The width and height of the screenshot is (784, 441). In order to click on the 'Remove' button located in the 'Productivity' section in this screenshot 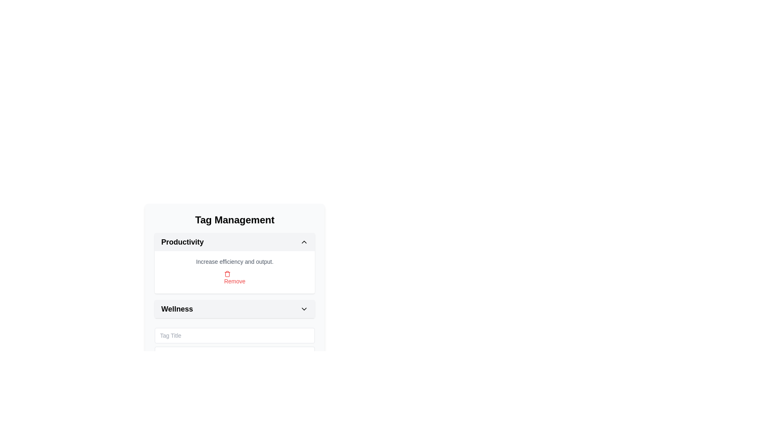, I will do `click(234, 272)`.